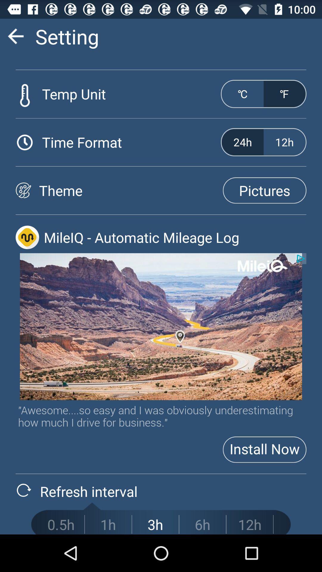  I want to click on location, so click(161, 326).